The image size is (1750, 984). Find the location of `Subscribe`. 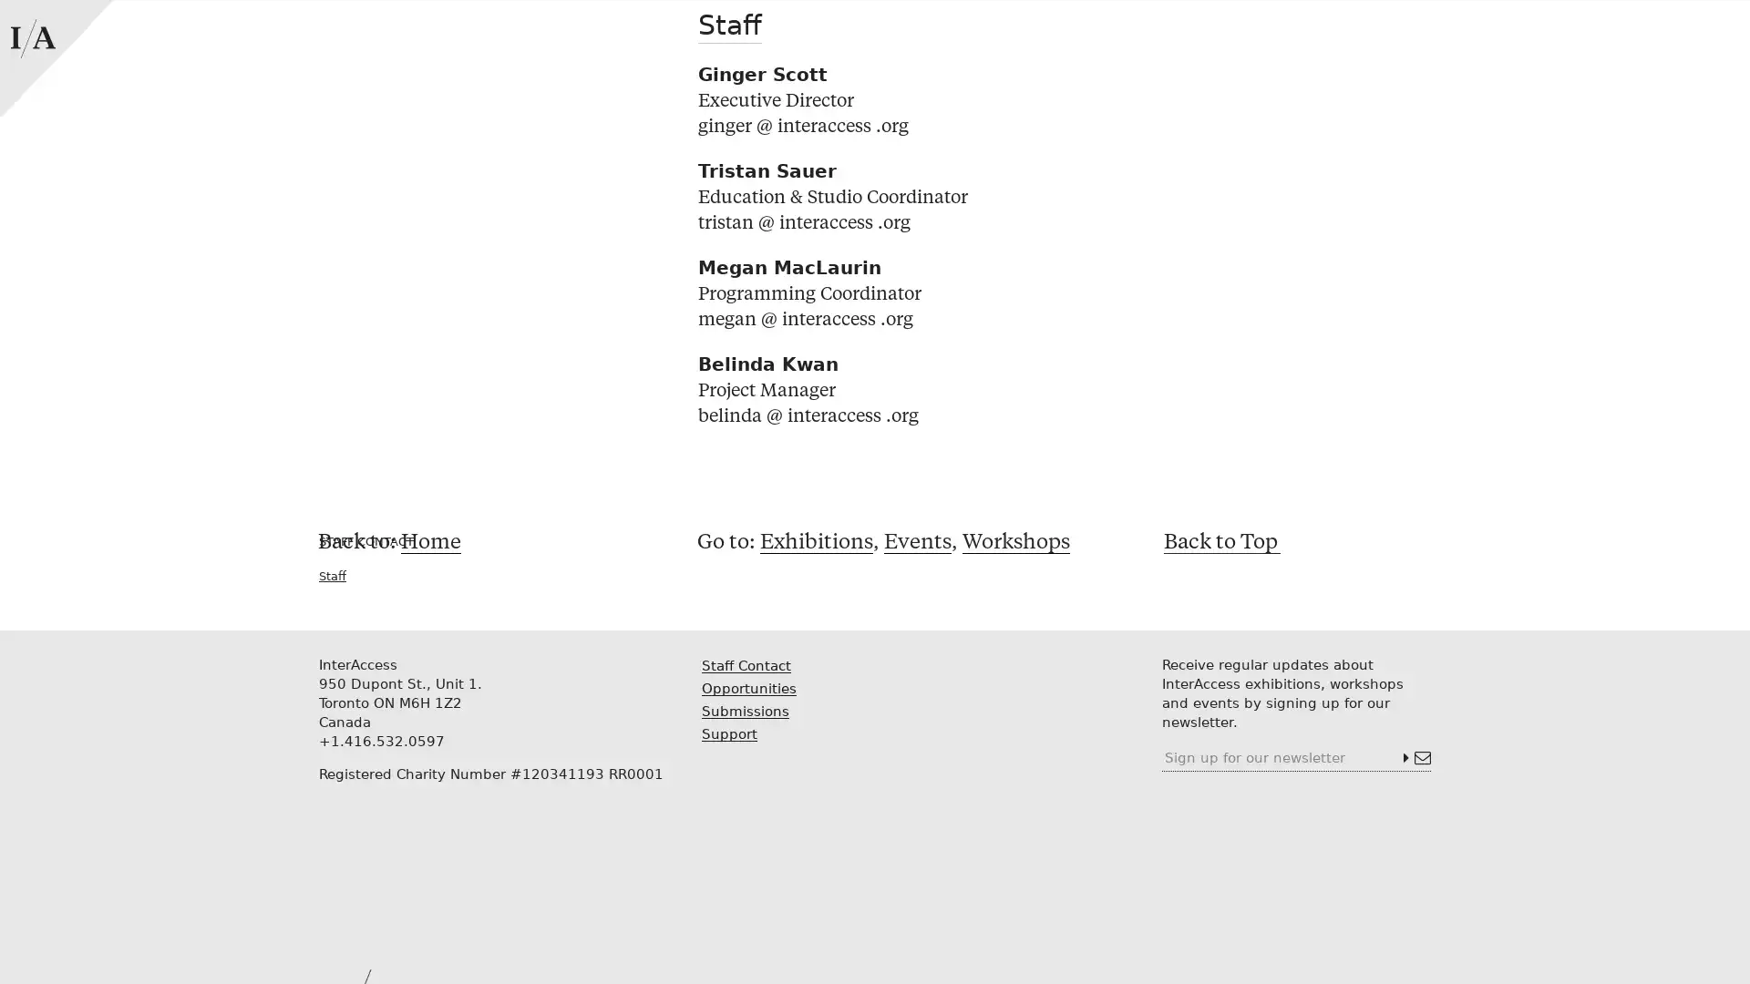

Subscribe is located at coordinates (1415, 758).